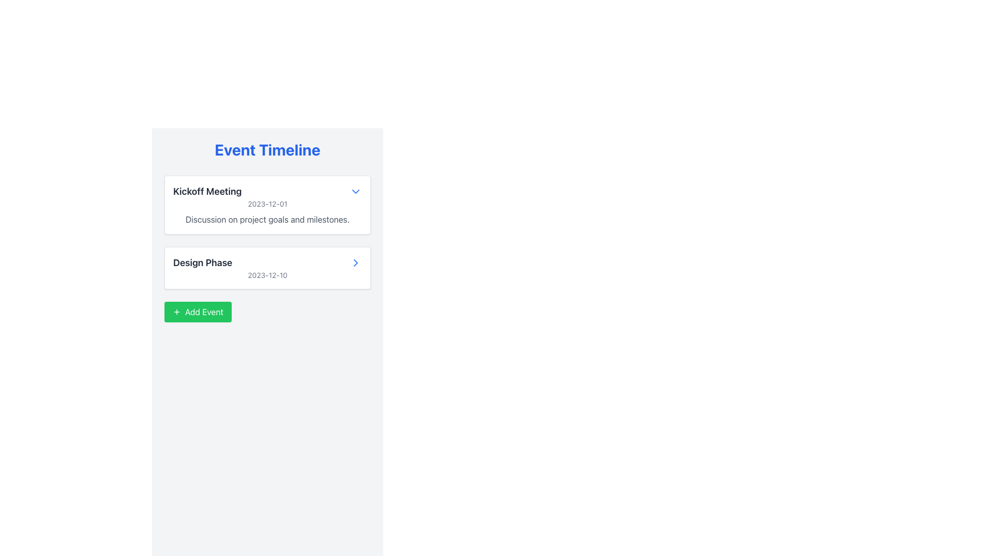 The width and height of the screenshot is (993, 558). What do you see at coordinates (176, 312) in the screenshot?
I see `the small green '+' icon located within the 'Add Event' button, which is situated in the lower-left region of the interface under the event blocks labeled 'Kickoff Meeting' and 'Design Phase.'` at bounding box center [176, 312].